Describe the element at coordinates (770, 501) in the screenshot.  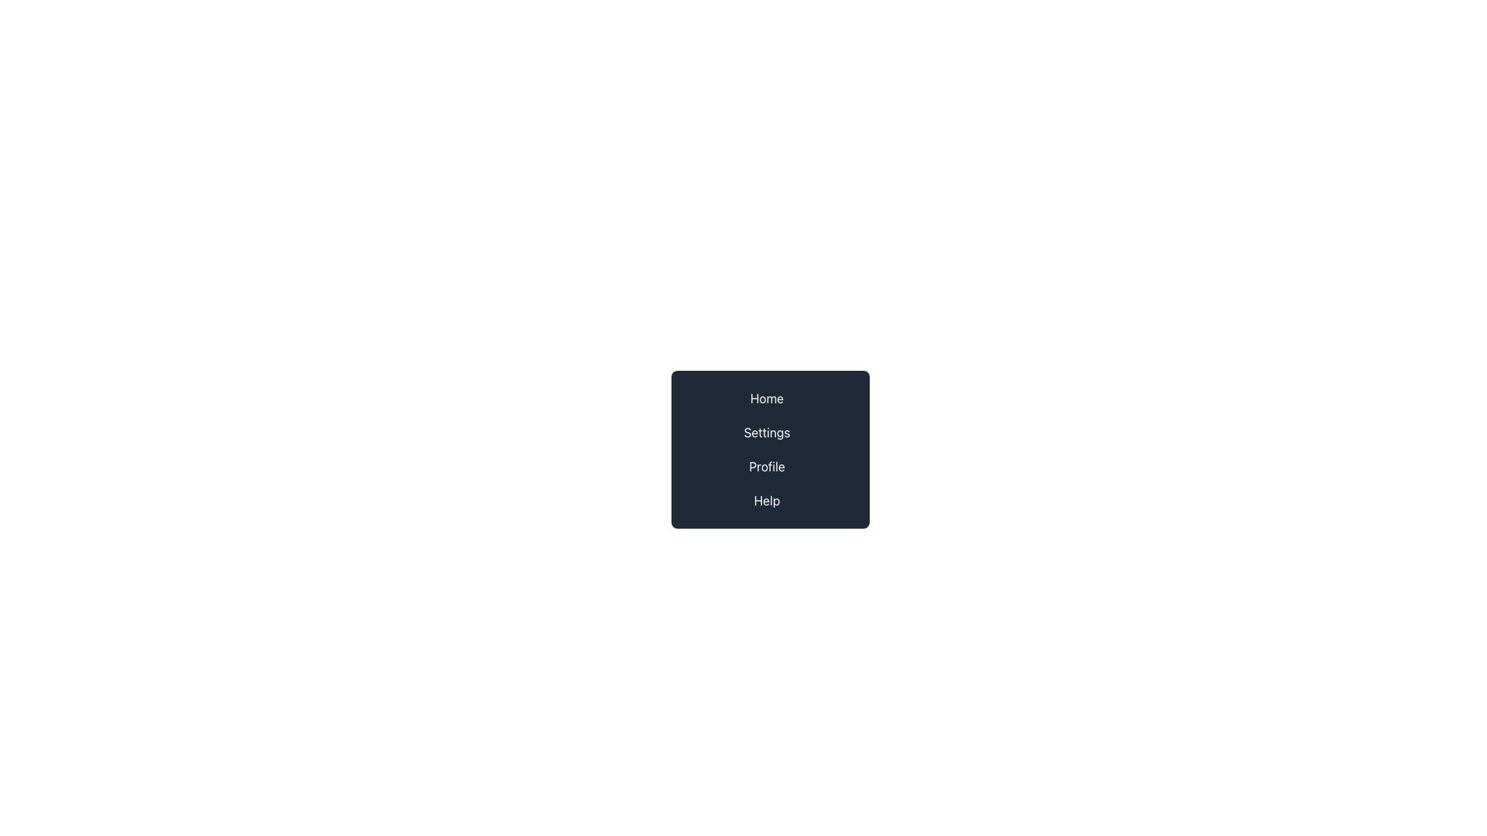
I see `the 'Help' label, which is the last item in a vertical list of options including 'Home', 'Settings', and 'Profile'` at that location.